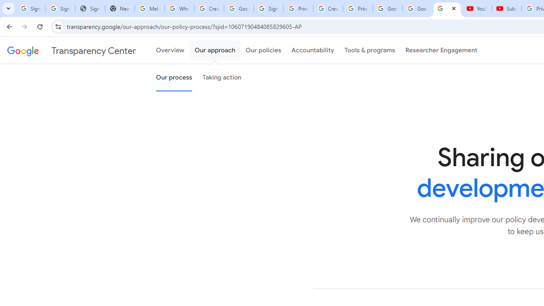 This screenshot has width=544, height=306. What do you see at coordinates (173, 78) in the screenshot?
I see `'Our process'` at bounding box center [173, 78].